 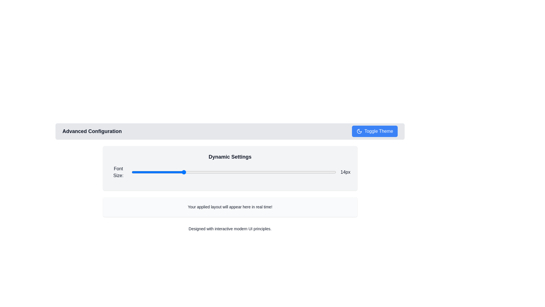 I want to click on the blue thumb of the font size slider, which is currently set, so click(x=234, y=172).